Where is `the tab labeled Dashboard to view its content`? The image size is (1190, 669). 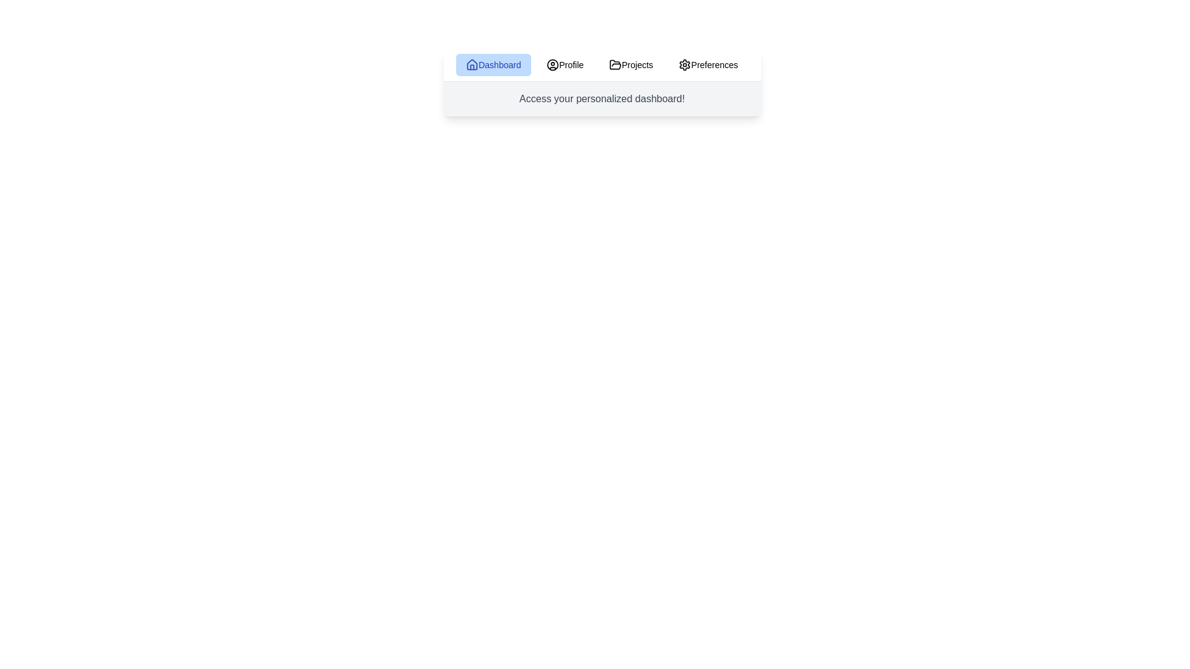
the tab labeled Dashboard to view its content is located at coordinates (493, 64).